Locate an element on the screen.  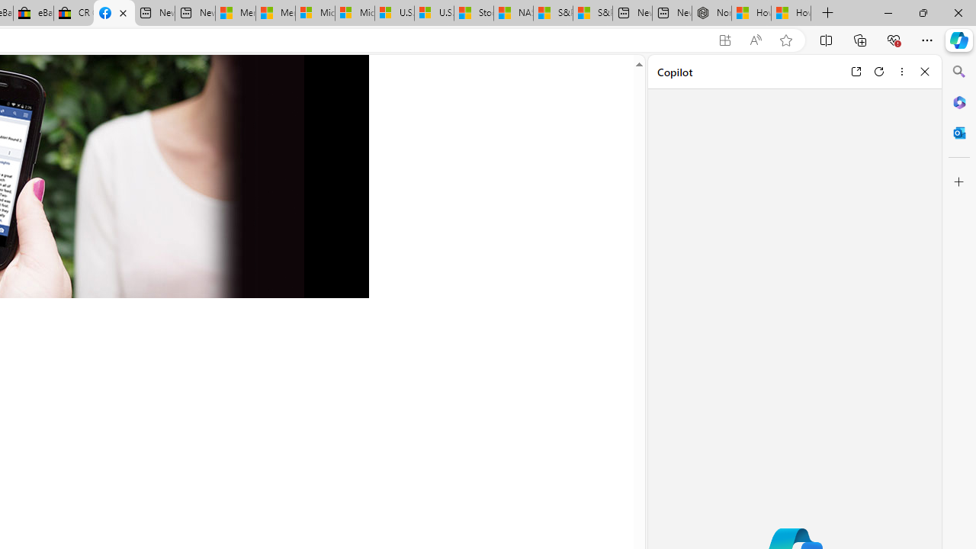
'S&P 500, Nasdaq end lower, weighed by Nvidia dip | Watch' is located at coordinates (591, 13).